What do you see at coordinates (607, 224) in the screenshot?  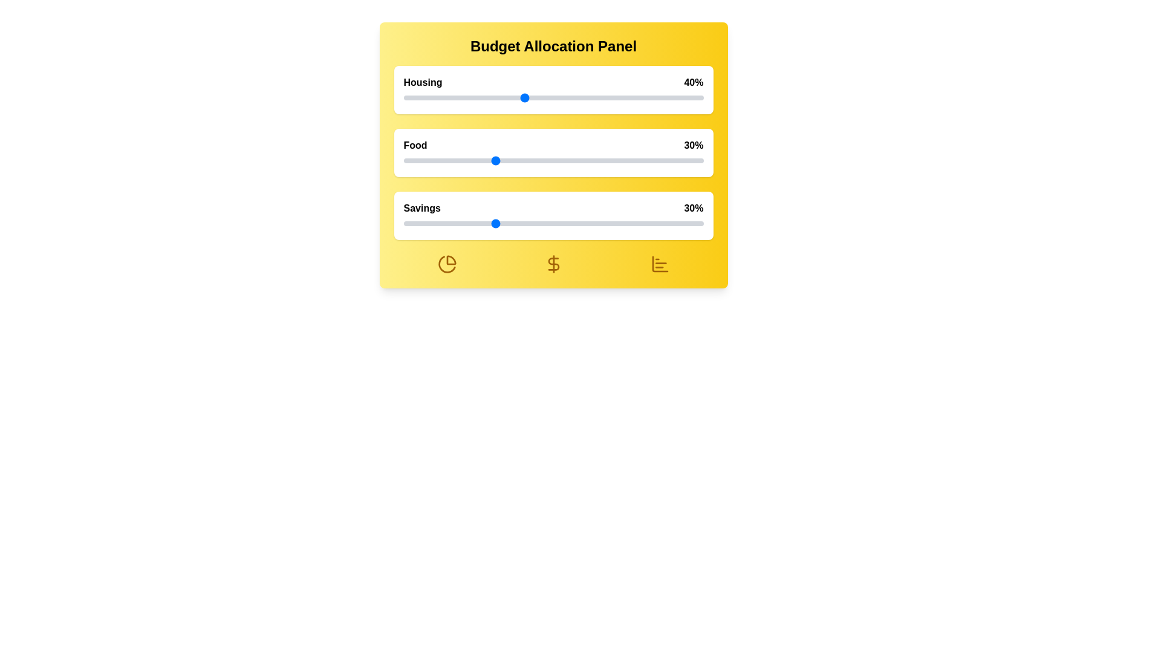 I see `the slider` at bounding box center [607, 224].